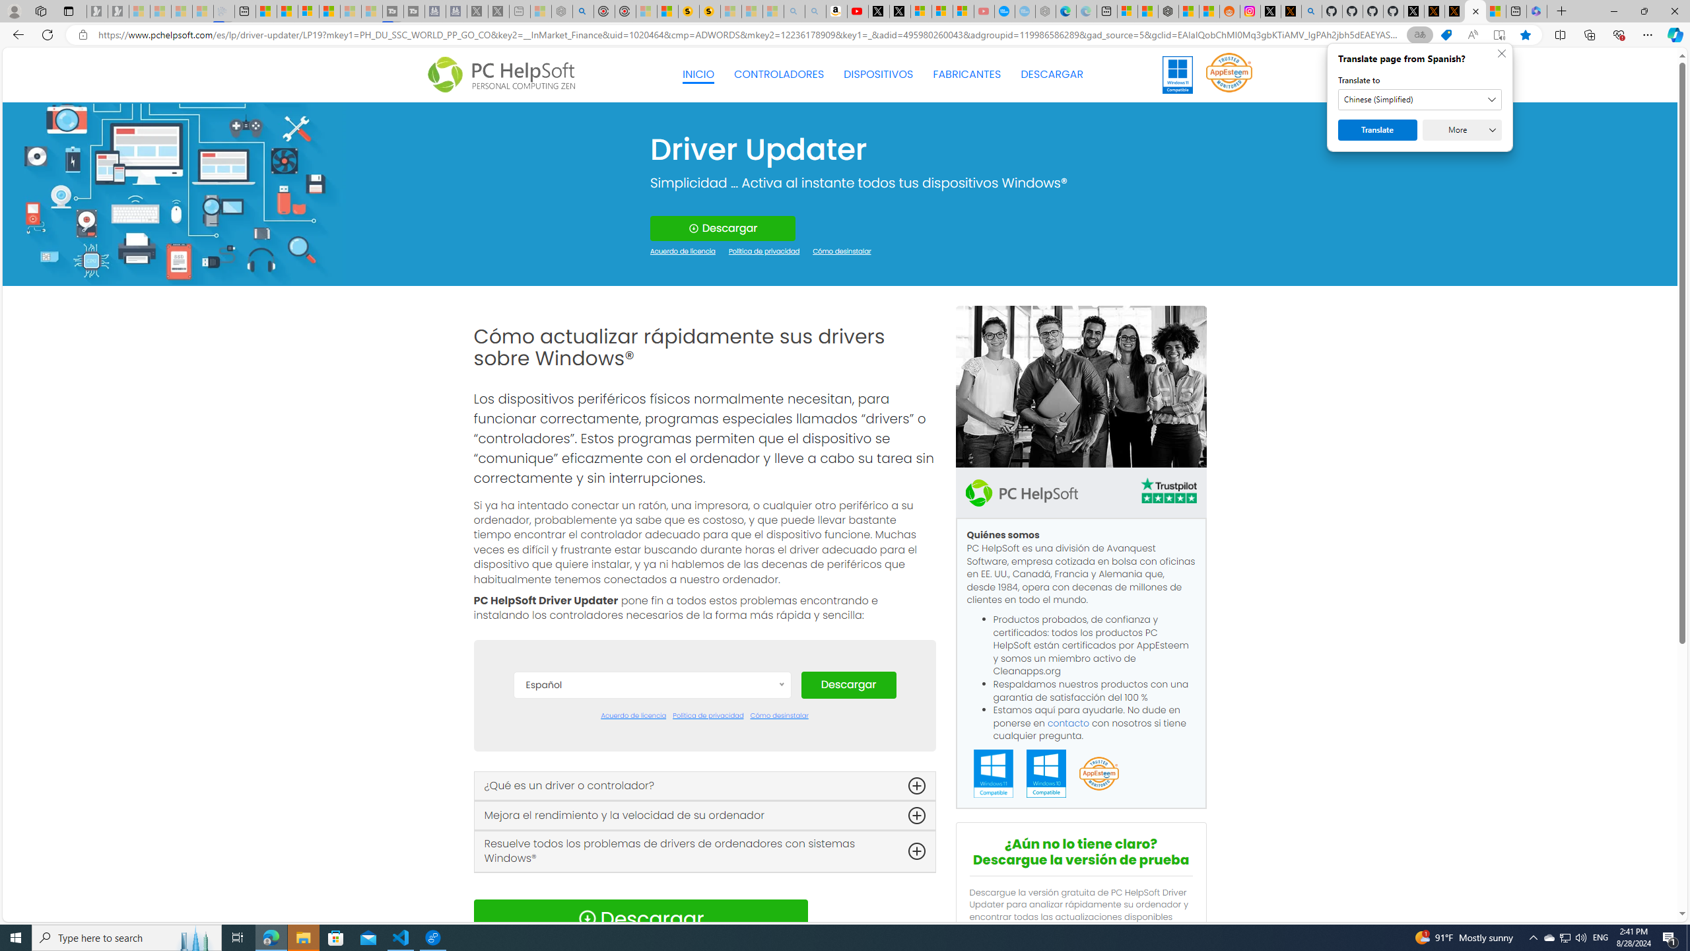  I want to click on 'help.x.com | 524: A timeout occurred', so click(1290, 11).